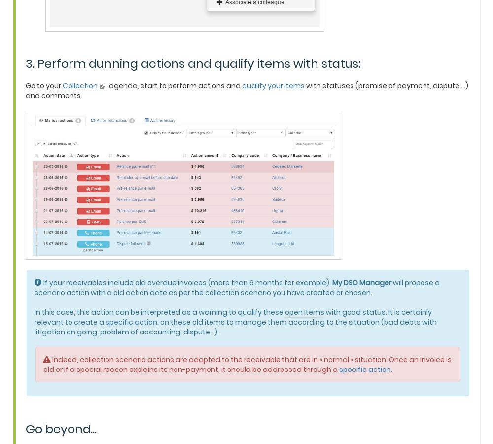  What do you see at coordinates (63, 85) in the screenshot?
I see `'Collection'` at bounding box center [63, 85].